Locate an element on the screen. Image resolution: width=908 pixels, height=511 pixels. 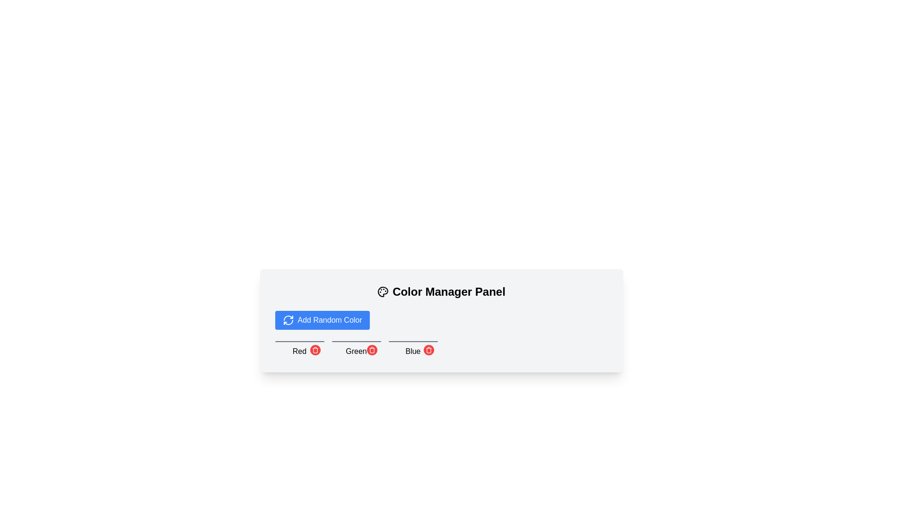
the small red circular button with a white trash can icon located in the top-right corner of the 'Red' section in the 'Color Manager Panel' is located at coordinates (315, 350).